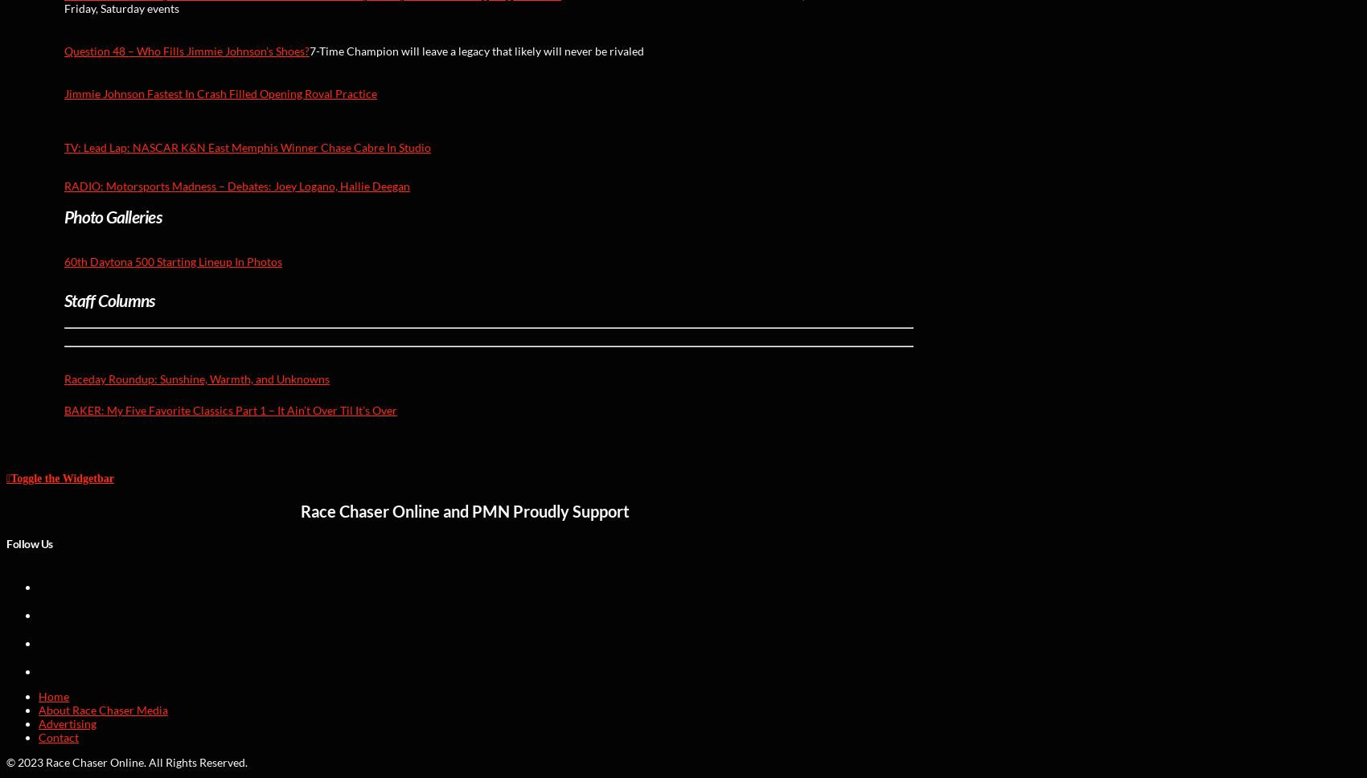  What do you see at coordinates (62, 478) in the screenshot?
I see `'Toggle the Widgetbar'` at bounding box center [62, 478].